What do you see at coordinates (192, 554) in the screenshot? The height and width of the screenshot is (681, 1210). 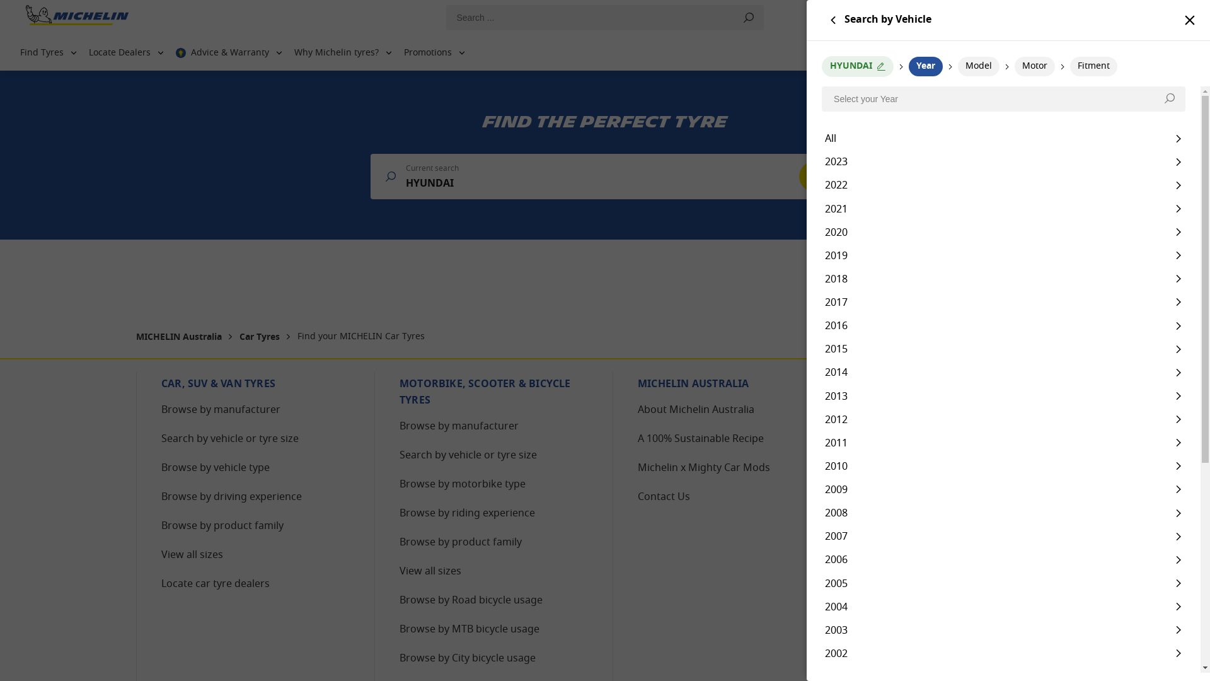 I see `'View all sizes'` at bounding box center [192, 554].